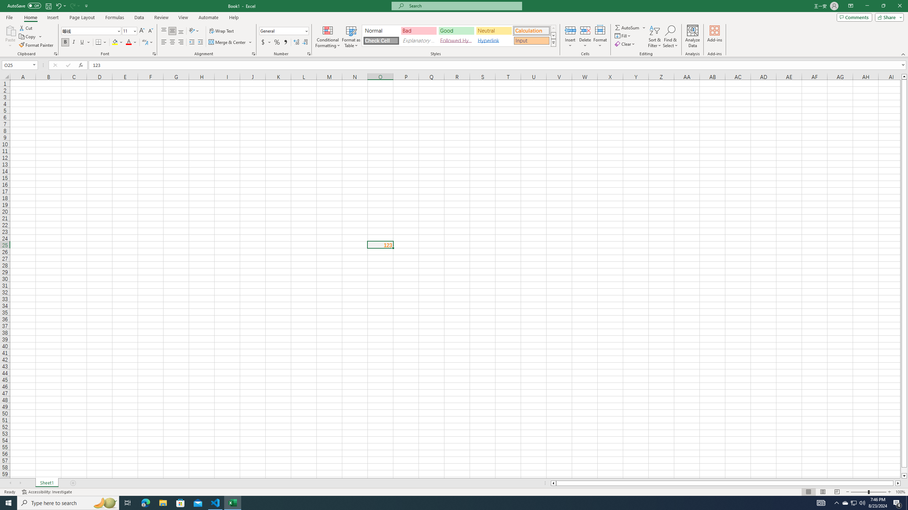 The width and height of the screenshot is (908, 510). What do you see at coordinates (276, 42) in the screenshot?
I see `'Percent Style'` at bounding box center [276, 42].